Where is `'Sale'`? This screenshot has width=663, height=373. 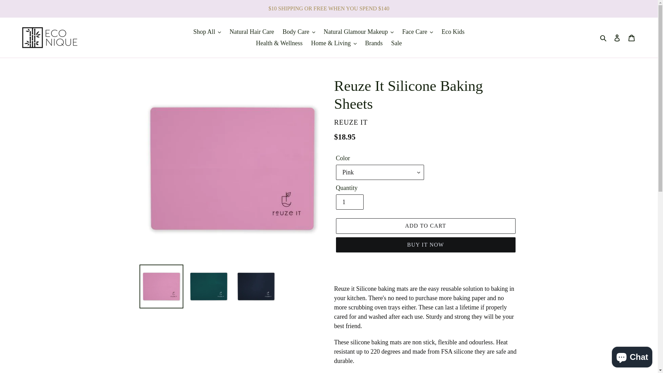
'Sale' is located at coordinates (396, 43).